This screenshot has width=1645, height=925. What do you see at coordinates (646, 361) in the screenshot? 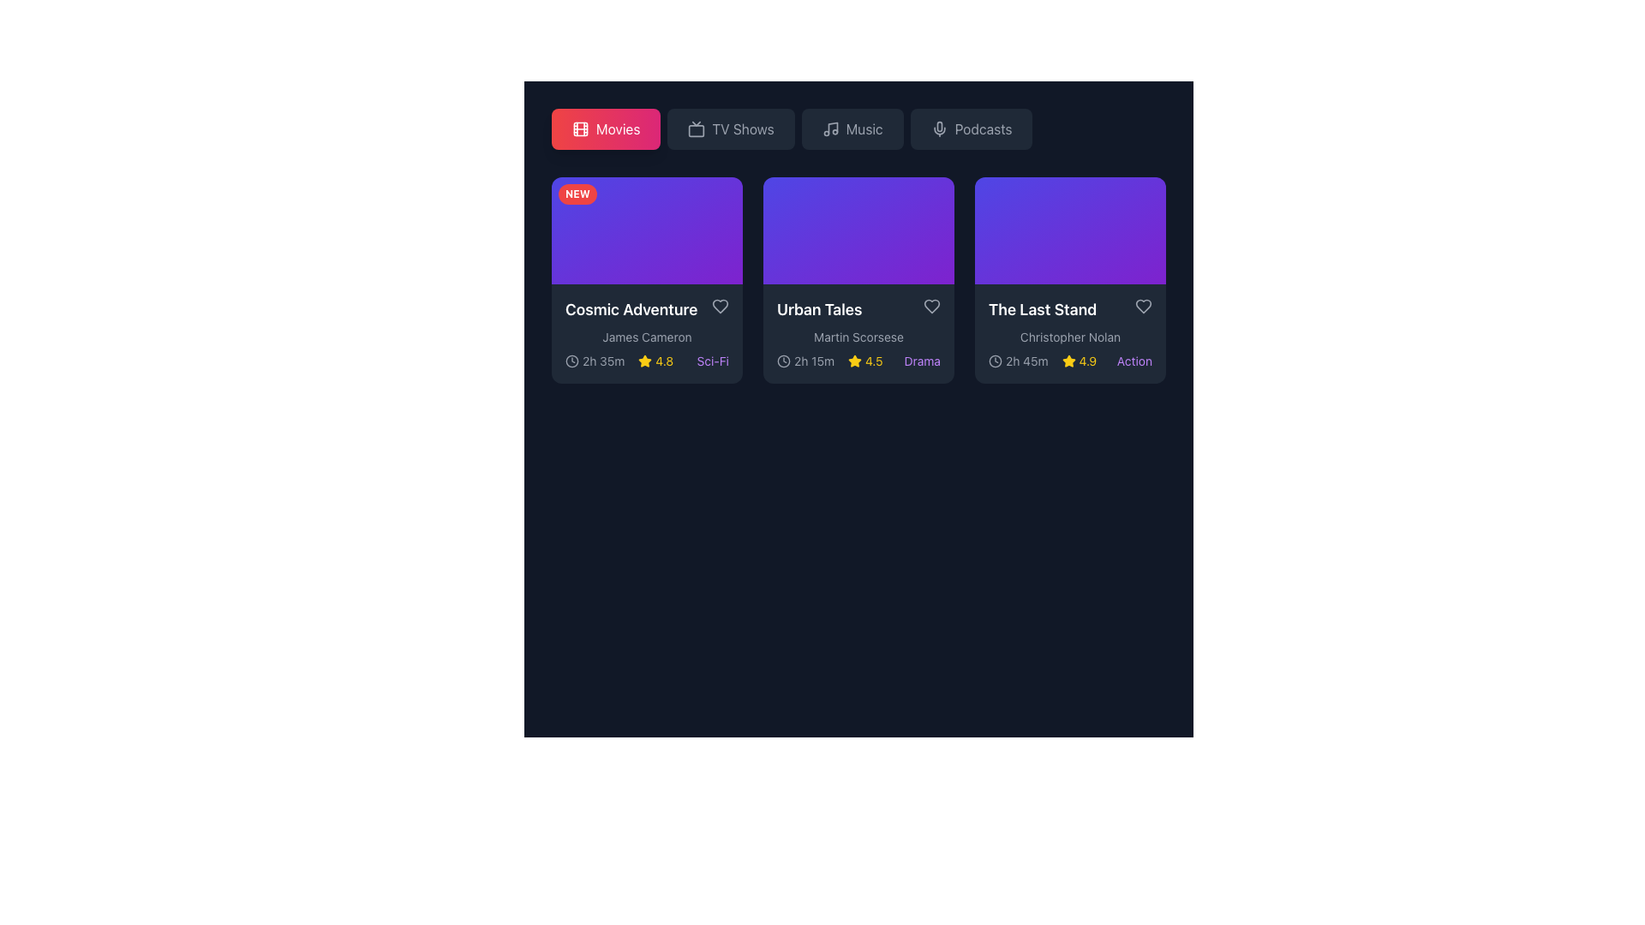
I see `the composite element displaying the text '2h 35m 4.8 Sci-Fi' with icons for additional details` at bounding box center [646, 361].